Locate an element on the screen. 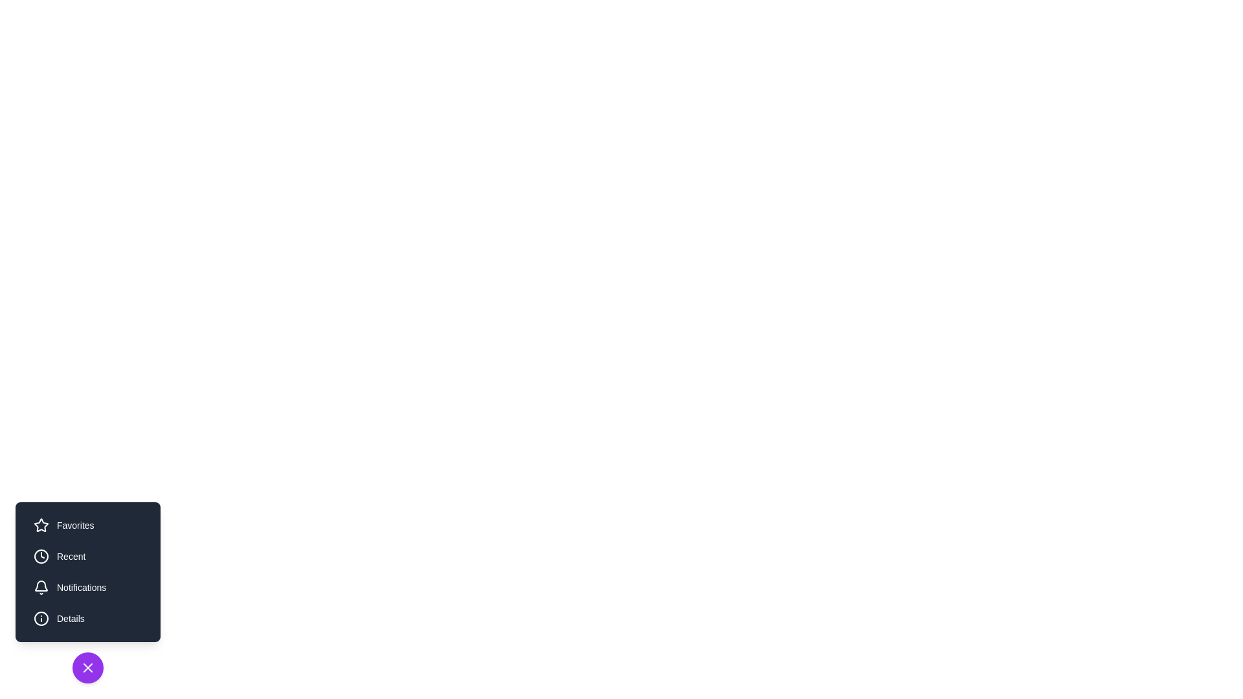 The height and width of the screenshot is (699, 1243). the floating action button to toggle the utility menu is located at coordinates (87, 668).